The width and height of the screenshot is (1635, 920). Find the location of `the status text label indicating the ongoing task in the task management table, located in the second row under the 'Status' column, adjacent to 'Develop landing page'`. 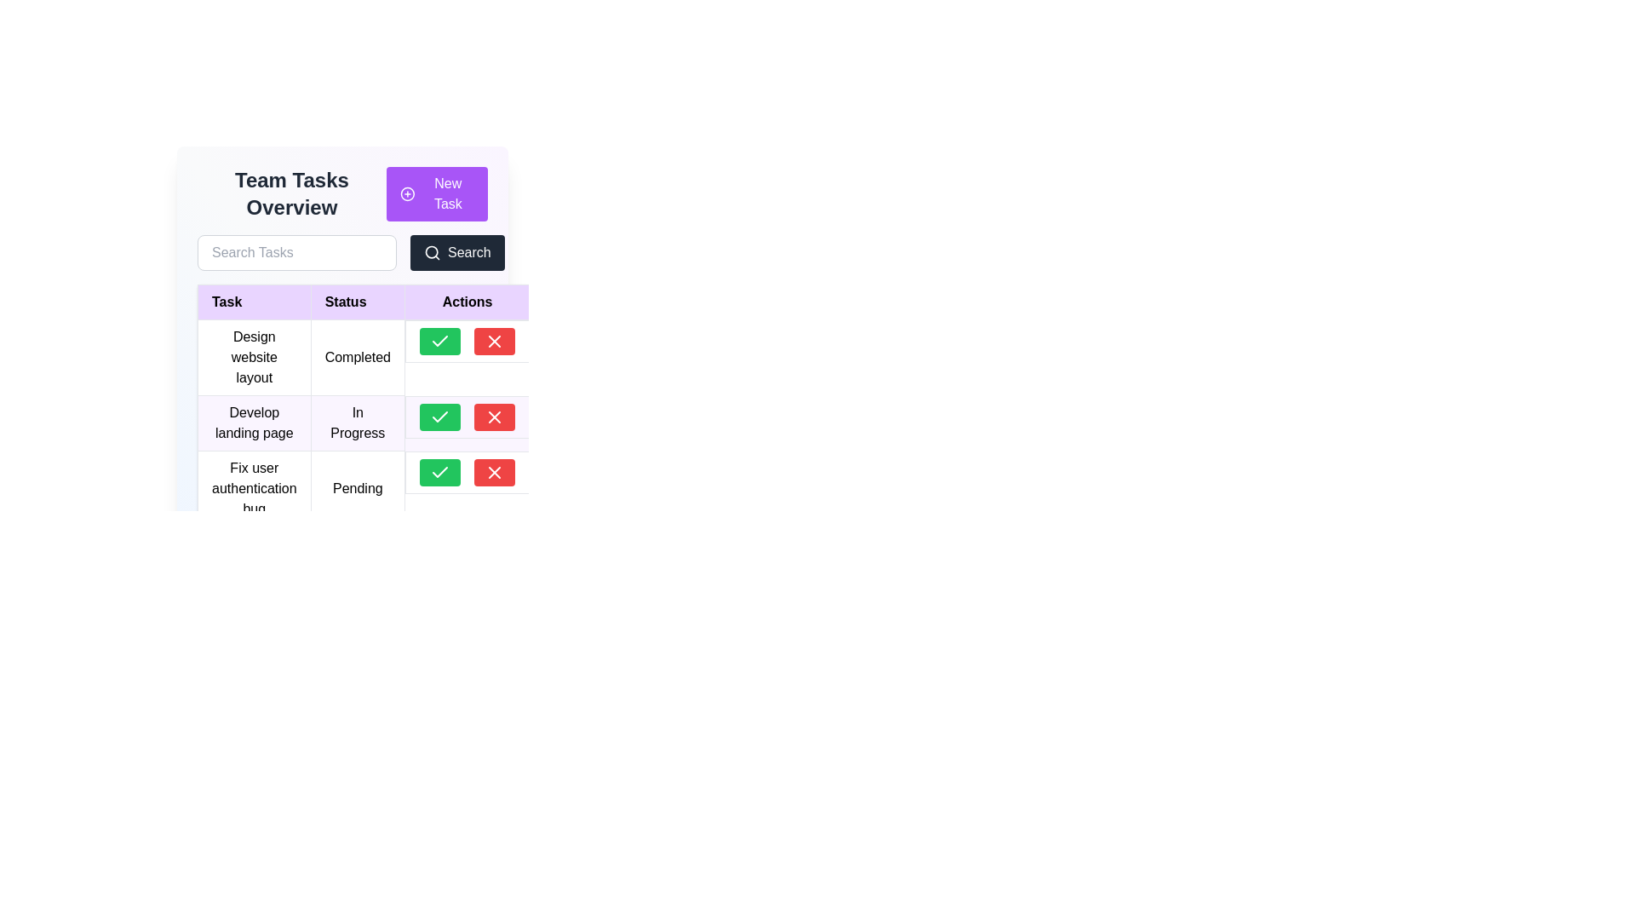

the status text label indicating the ongoing task in the task management table, located in the second row under the 'Status' column, adjacent to 'Develop landing page' is located at coordinates (357, 423).